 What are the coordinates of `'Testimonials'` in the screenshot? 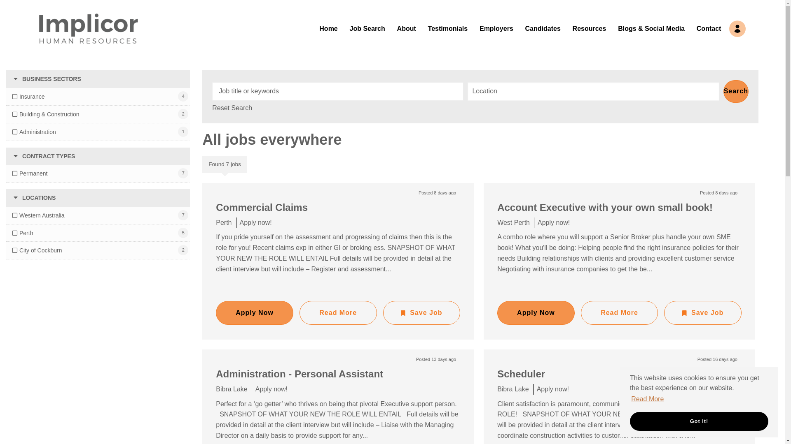 It's located at (447, 28).